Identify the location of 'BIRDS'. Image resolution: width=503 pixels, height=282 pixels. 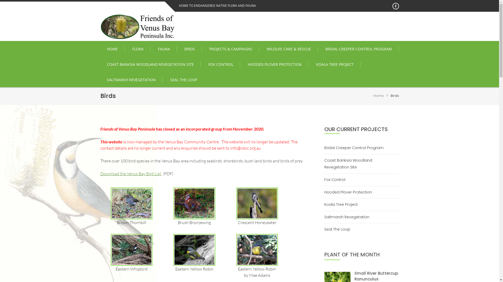
(189, 49).